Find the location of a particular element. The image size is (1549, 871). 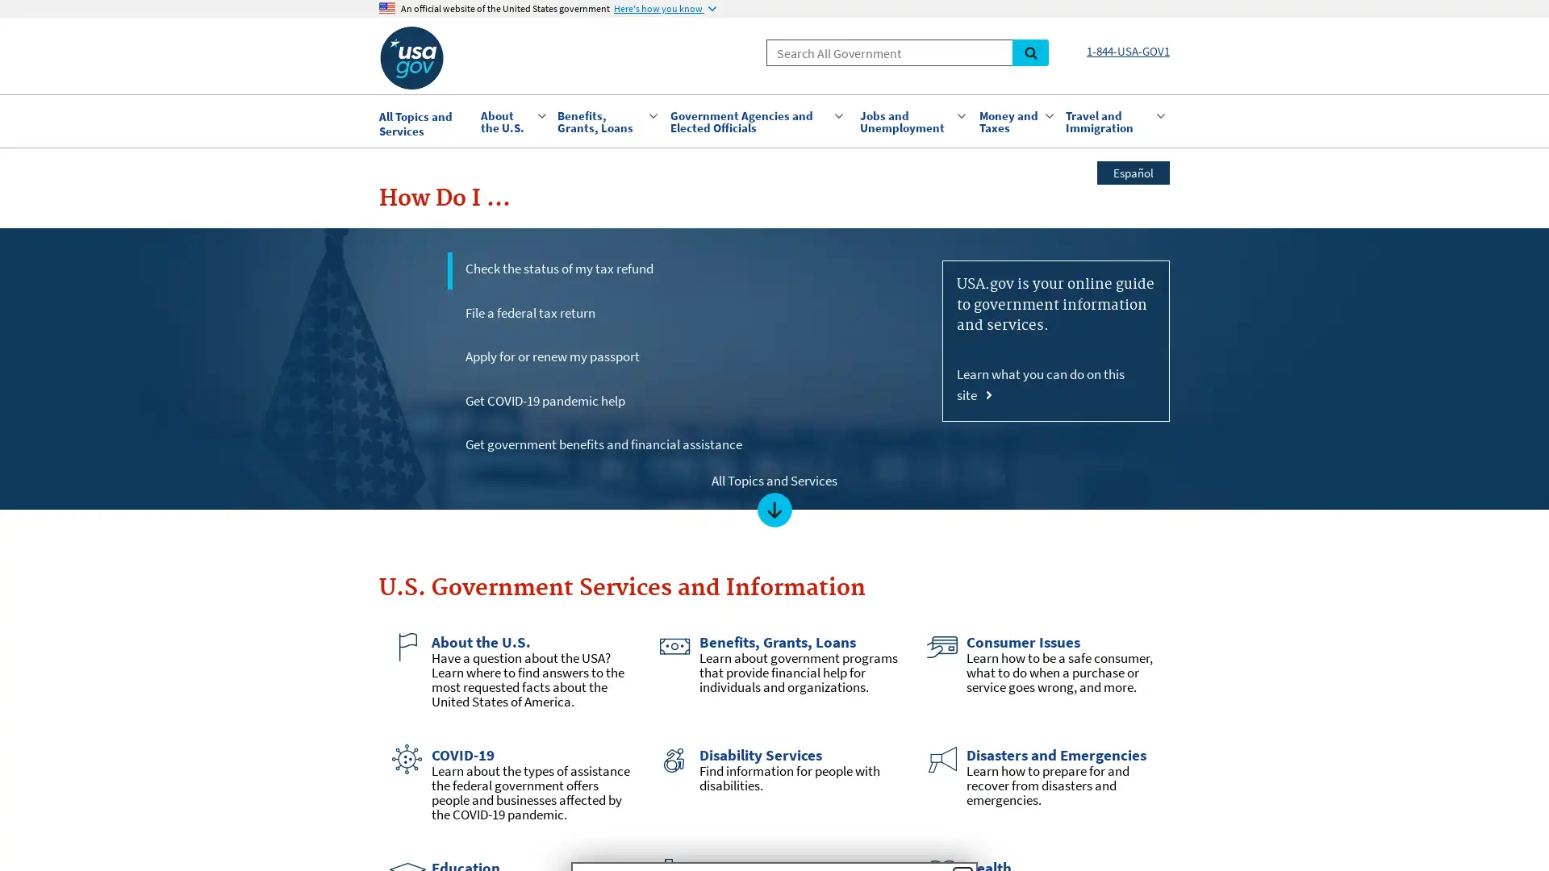

Search is located at coordinates (1029, 52).